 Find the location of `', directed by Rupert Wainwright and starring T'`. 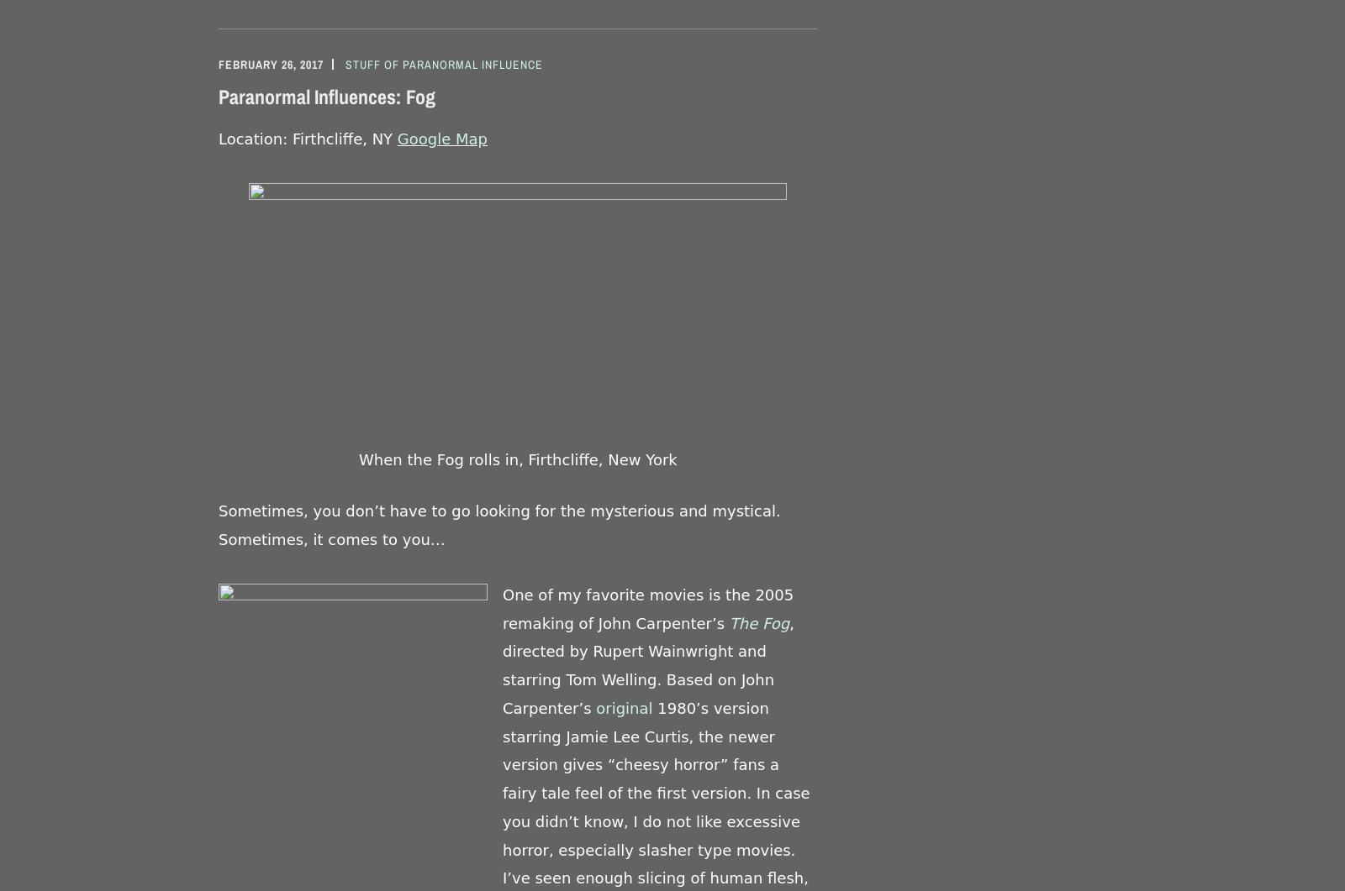

', directed by Rupert Wainwright and starring T' is located at coordinates (502, 651).